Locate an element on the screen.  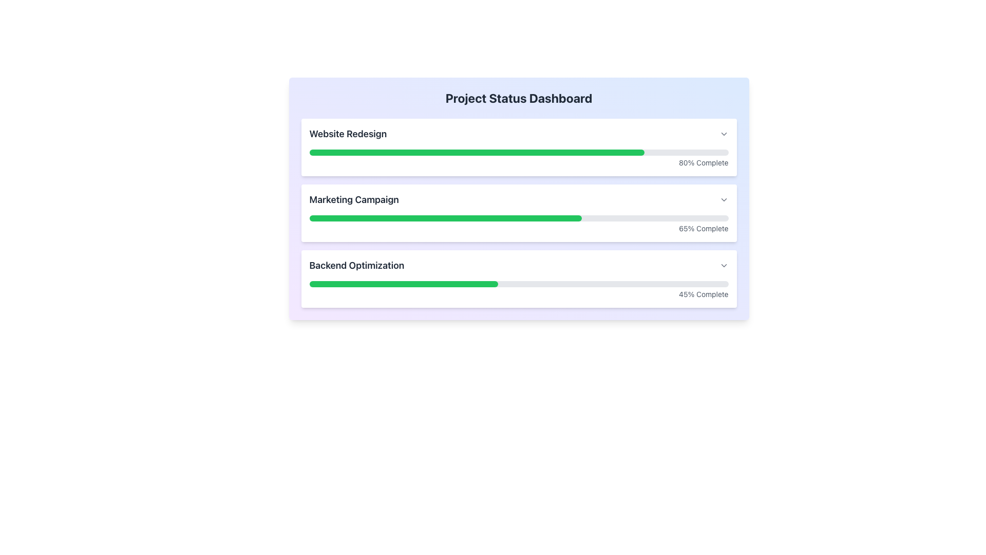
the Dropdown Trigger Icon located in the bottom-right corner of the 'Backend Optimization' section to change its appearance is located at coordinates (723, 265).